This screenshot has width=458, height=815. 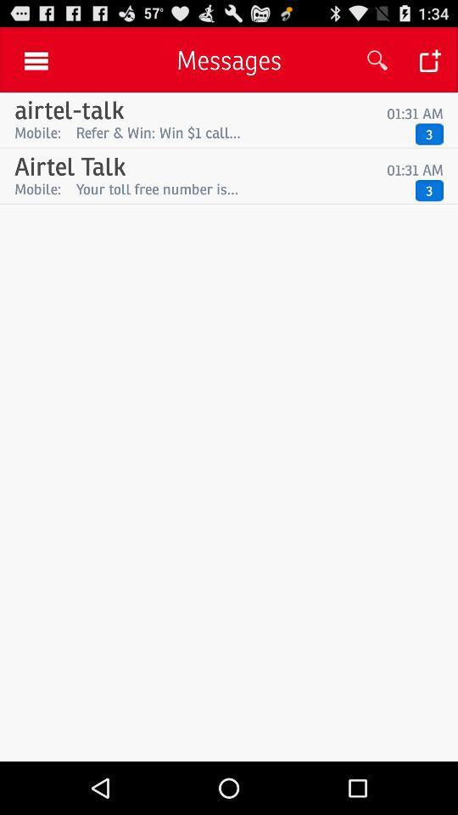 I want to click on refer win win icon, so click(x=241, y=132).